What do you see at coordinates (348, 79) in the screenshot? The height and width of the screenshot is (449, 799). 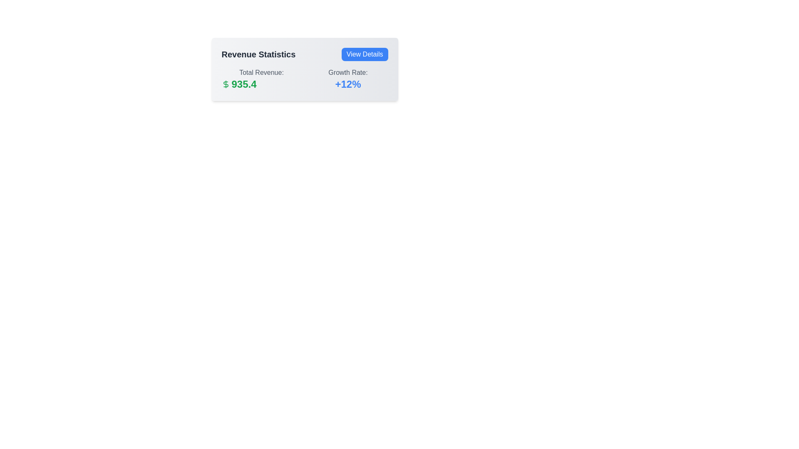 I see `the text-based informational component displaying 'Growth Rate:' with the bolded blue '+12%' value, located in the right section of the panel under 'Revenue Statistics'` at bounding box center [348, 79].